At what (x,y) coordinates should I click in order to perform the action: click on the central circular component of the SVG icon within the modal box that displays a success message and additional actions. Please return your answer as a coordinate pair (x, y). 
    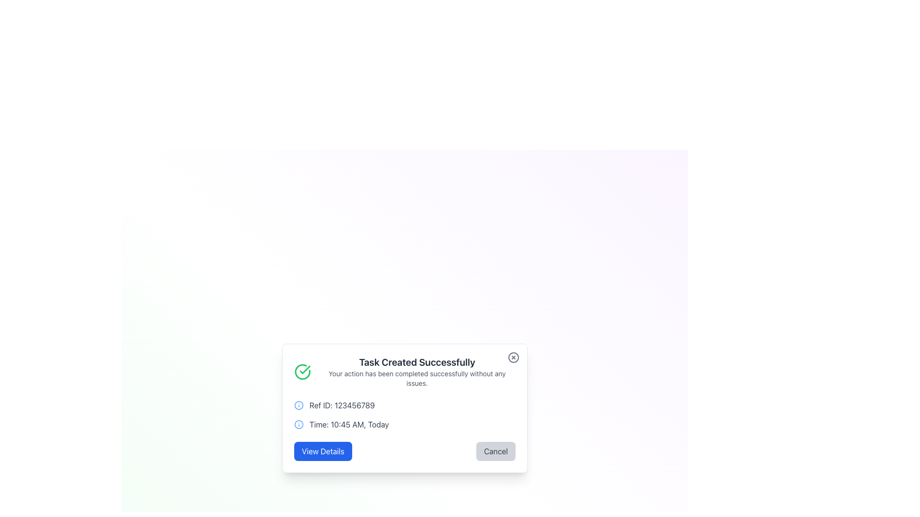
    Looking at the image, I should click on (299, 405).